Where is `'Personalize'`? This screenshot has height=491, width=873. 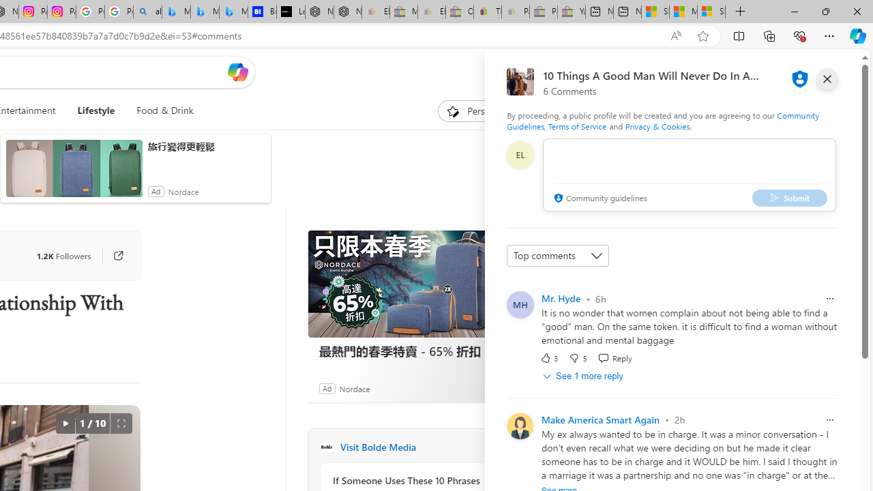 'Personalize' is located at coordinates (480, 110).